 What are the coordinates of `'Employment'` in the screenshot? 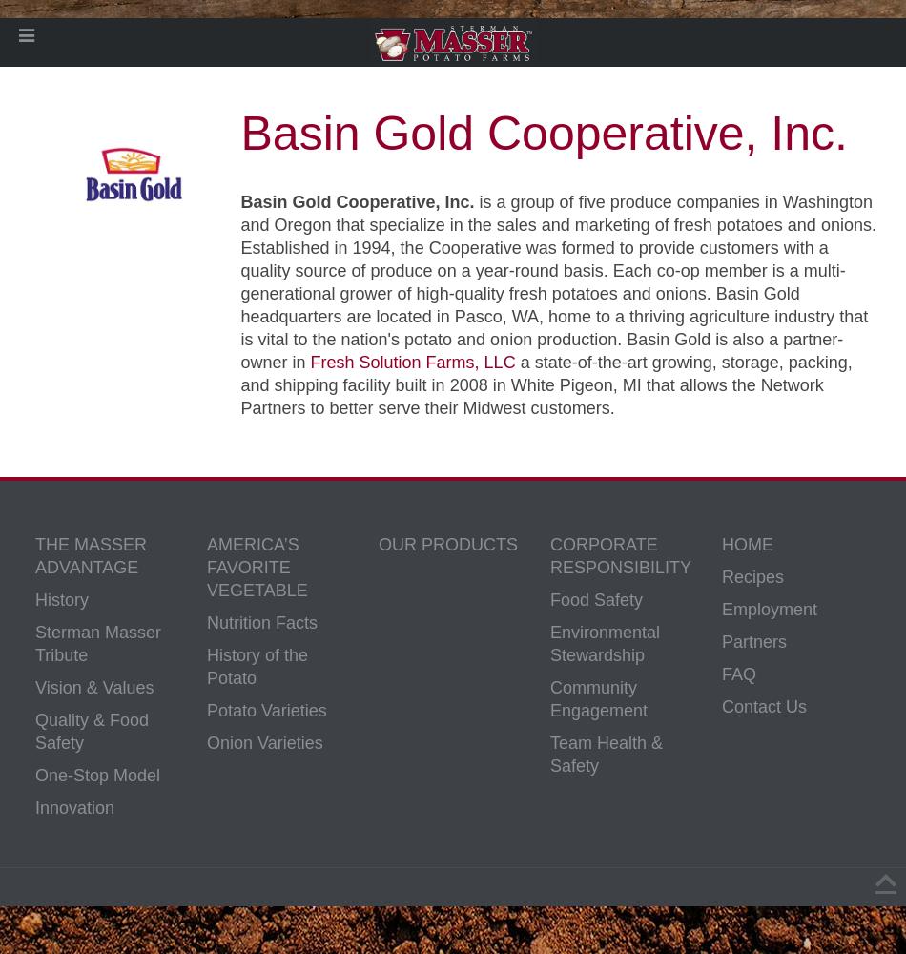 It's located at (769, 610).